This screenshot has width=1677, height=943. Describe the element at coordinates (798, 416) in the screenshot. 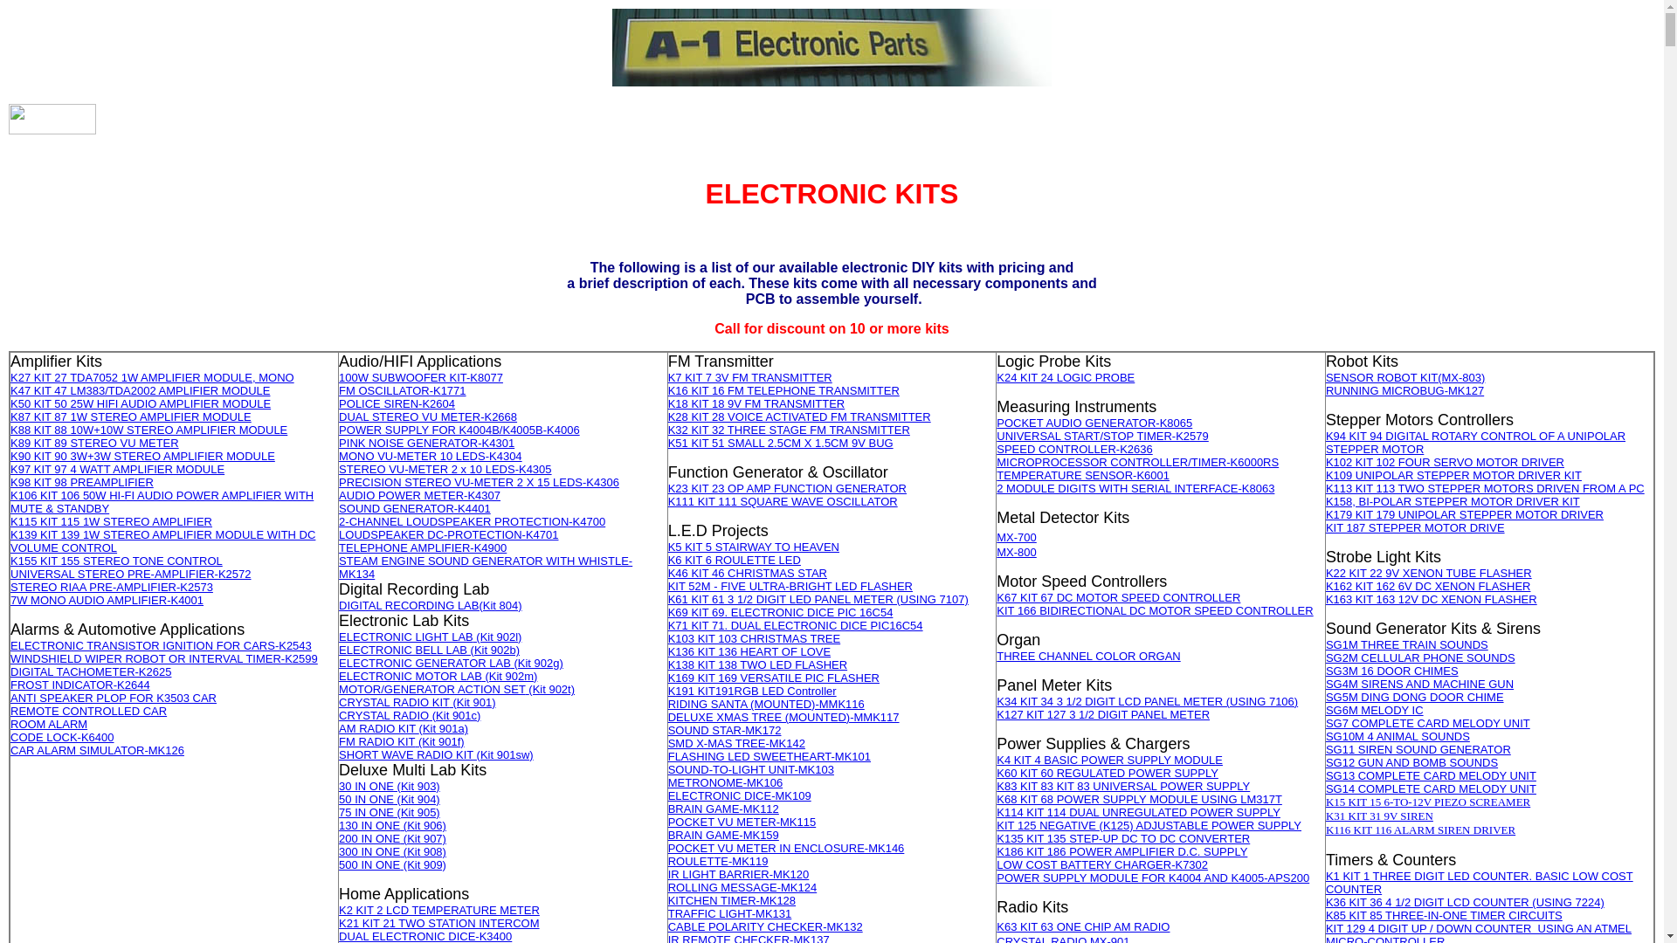

I see `'K28 KIT 28 VOICE ACTIVATED FM TRANSMITTER'` at that location.